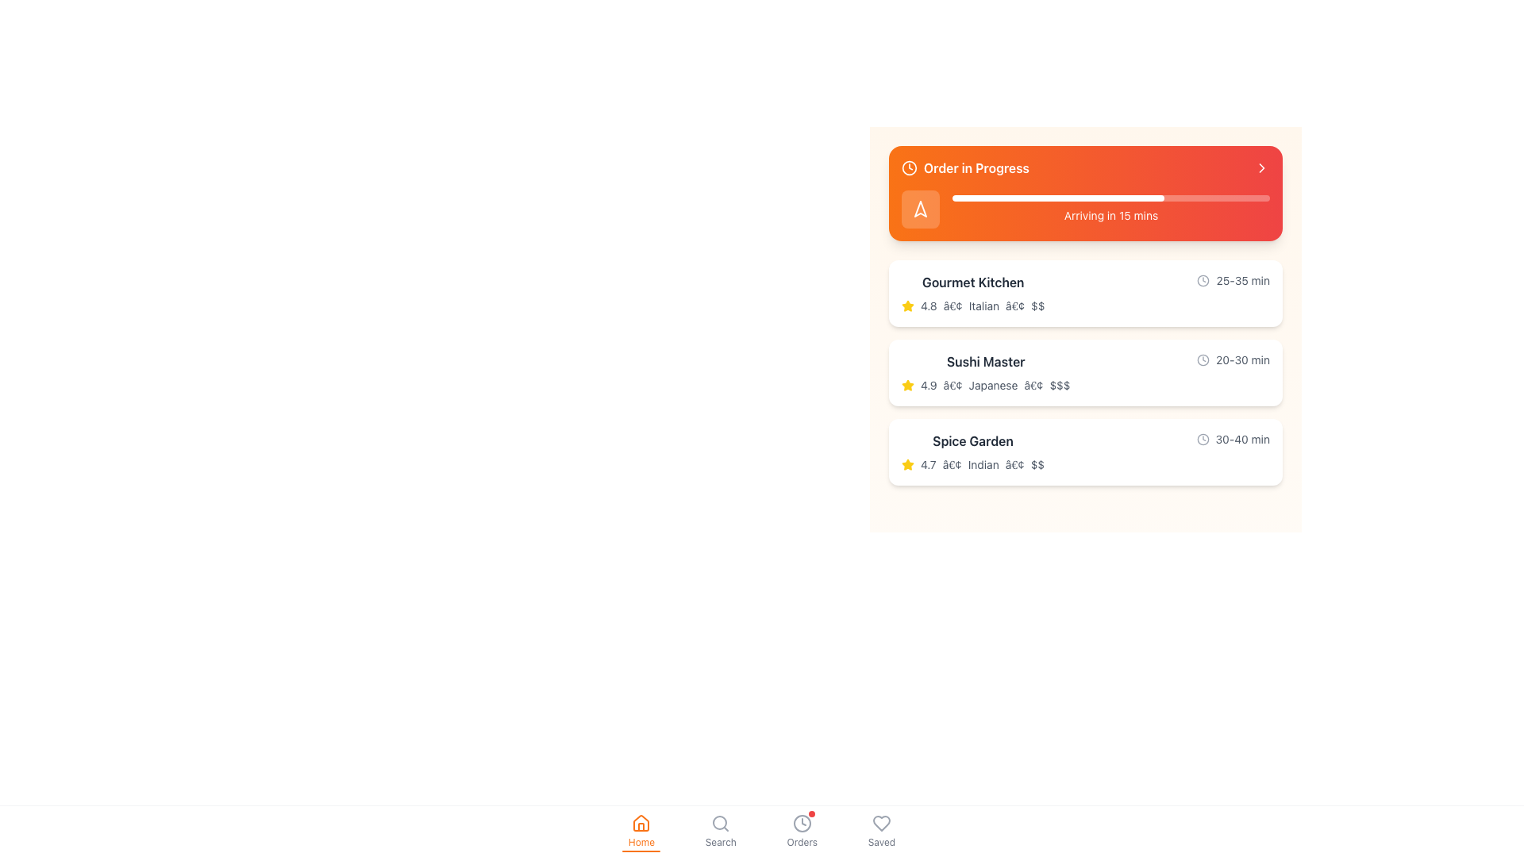  Describe the element at coordinates (907, 306) in the screenshot. I see `the yellow star icon, which is part of the rating indicator located to the left of the text '4.8 • Italian • $$', to interact with the rating` at that location.